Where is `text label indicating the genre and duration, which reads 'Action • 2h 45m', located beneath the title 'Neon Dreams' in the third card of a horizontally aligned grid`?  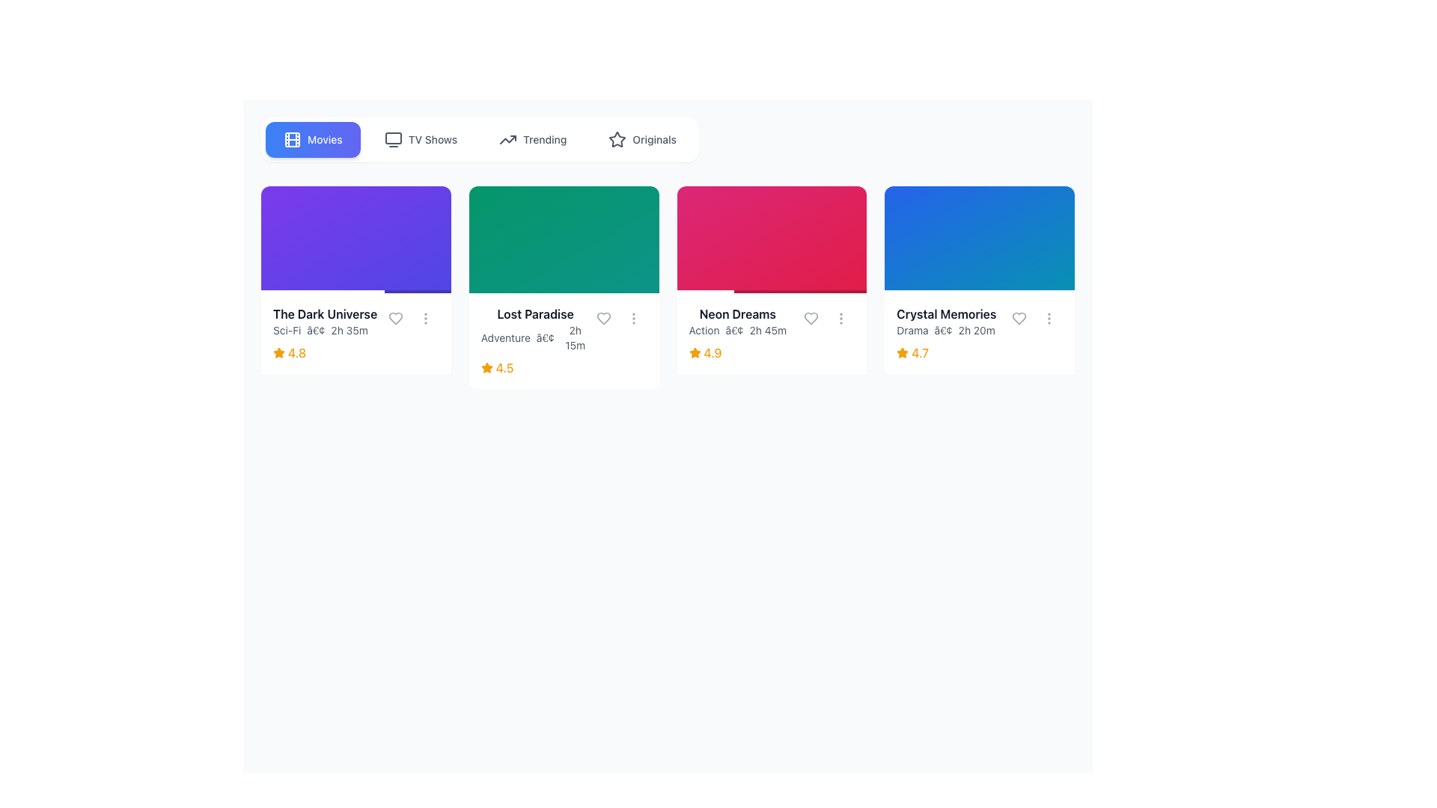
text label indicating the genre and duration, which reads 'Action • 2h 45m', located beneath the title 'Neon Dreams' in the third card of a horizontally aligned grid is located at coordinates (737, 329).